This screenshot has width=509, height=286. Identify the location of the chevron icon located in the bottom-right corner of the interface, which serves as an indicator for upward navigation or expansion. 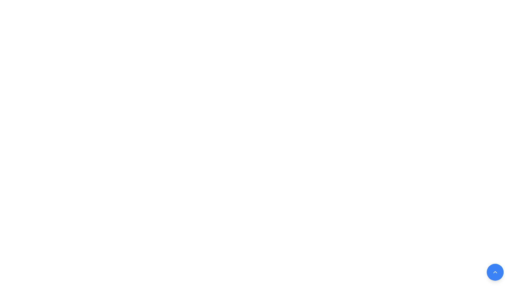
(495, 272).